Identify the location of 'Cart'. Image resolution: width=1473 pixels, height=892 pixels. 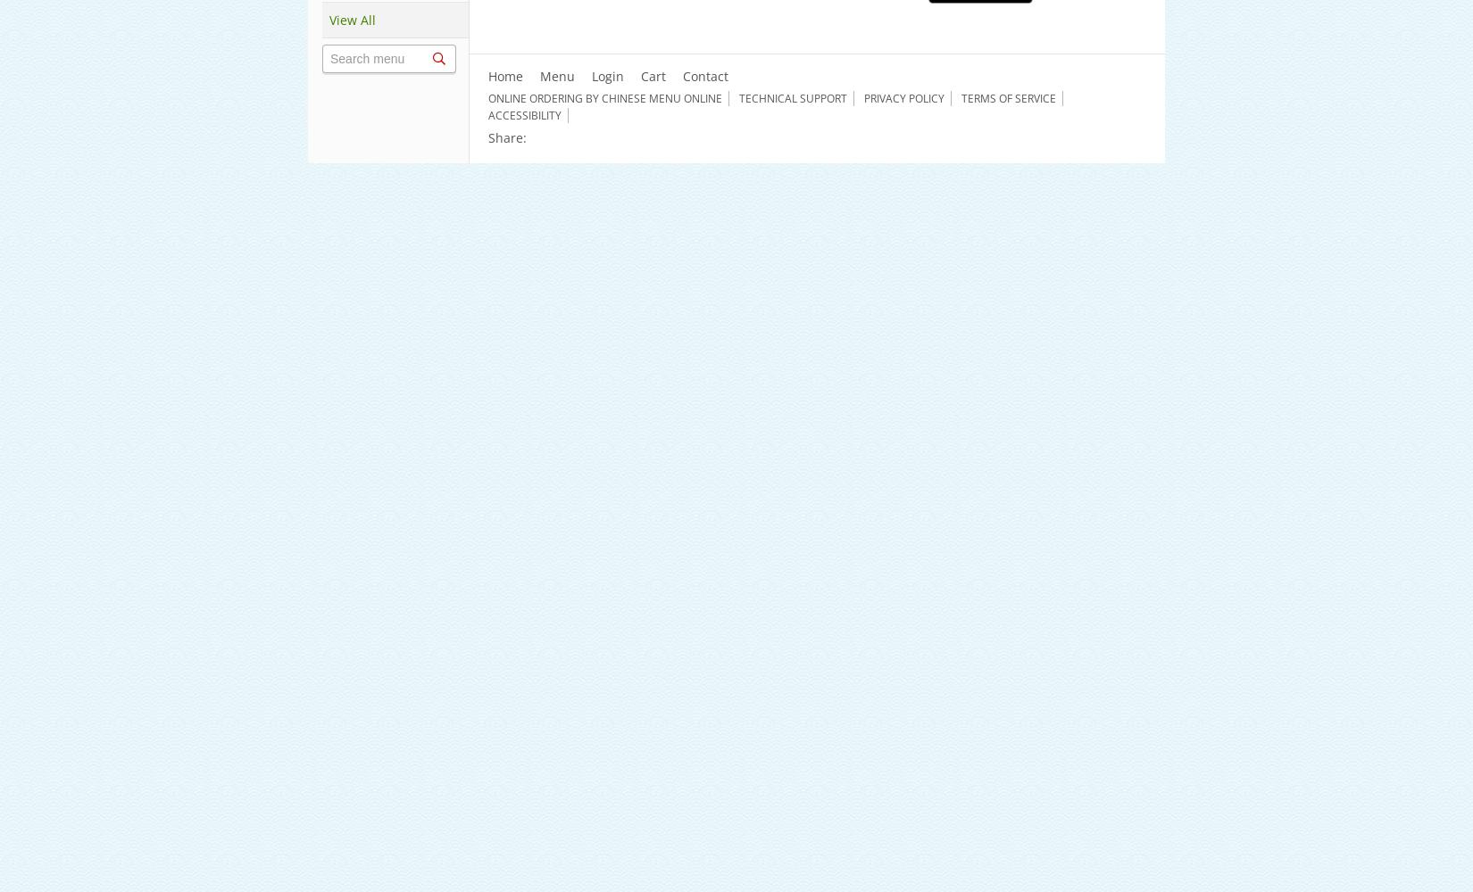
(651, 75).